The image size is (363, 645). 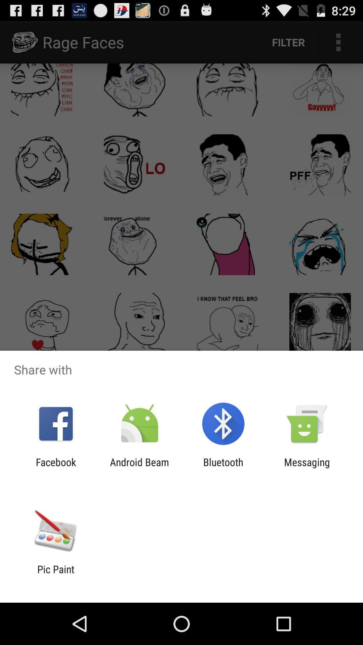 I want to click on android beam item, so click(x=139, y=468).